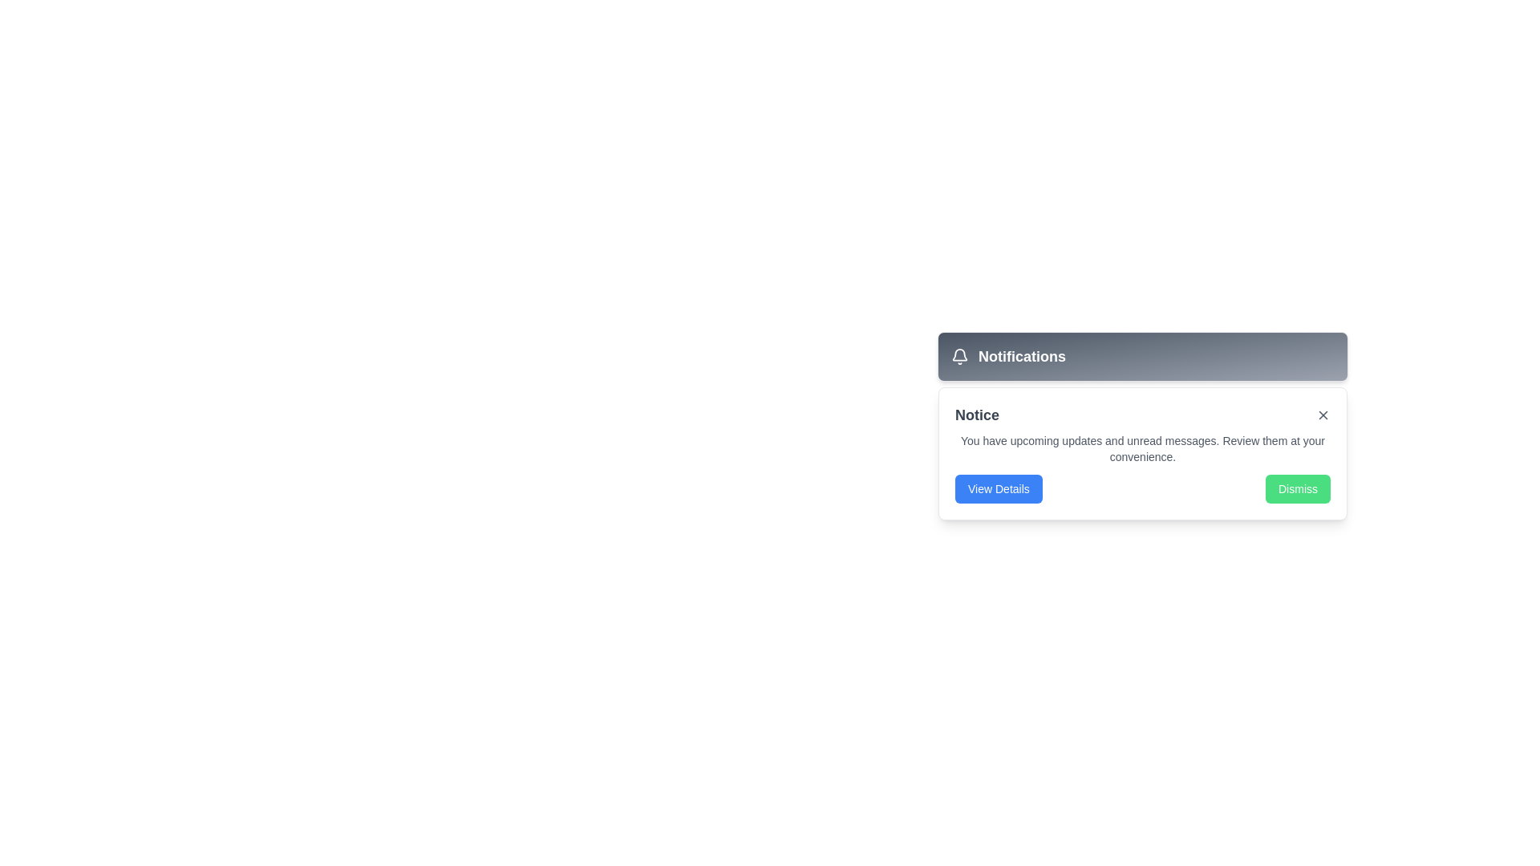 This screenshot has height=866, width=1540. What do you see at coordinates (1021, 355) in the screenshot?
I see `header text label for the notification section located at the top of the notification card, positioned to the right of a bell-shaped icon` at bounding box center [1021, 355].